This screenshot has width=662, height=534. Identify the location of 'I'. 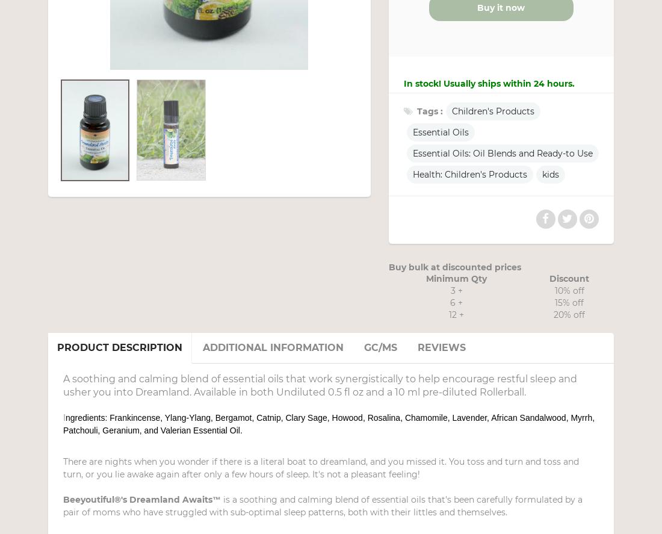
(64, 417).